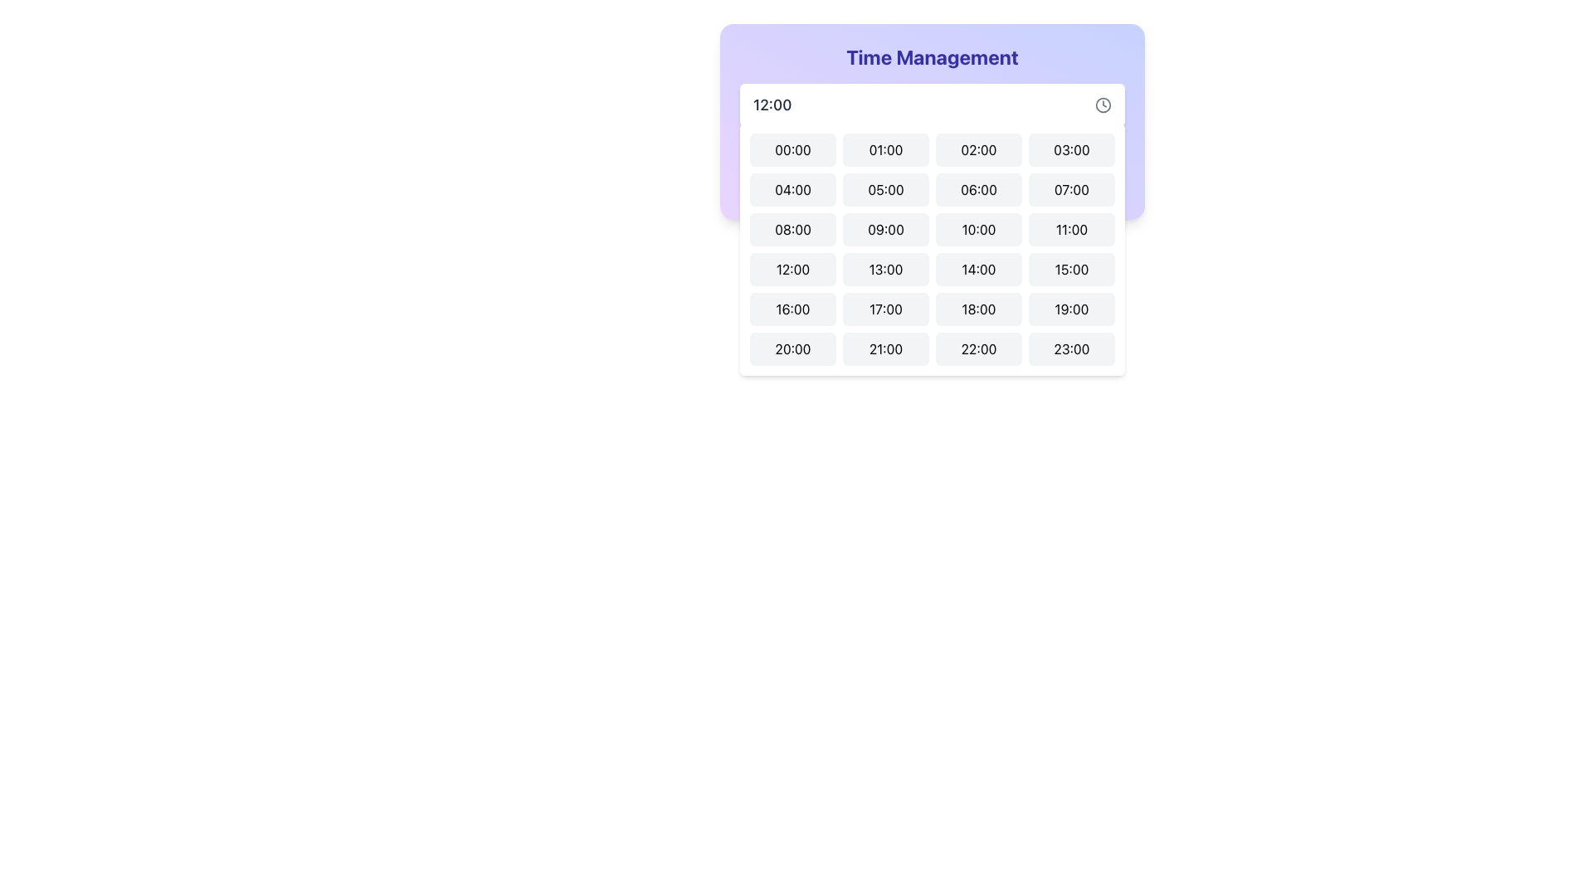 This screenshot has height=896, width=1593. I want to click on the time selection button labeled '01:00', so click(885, 150).